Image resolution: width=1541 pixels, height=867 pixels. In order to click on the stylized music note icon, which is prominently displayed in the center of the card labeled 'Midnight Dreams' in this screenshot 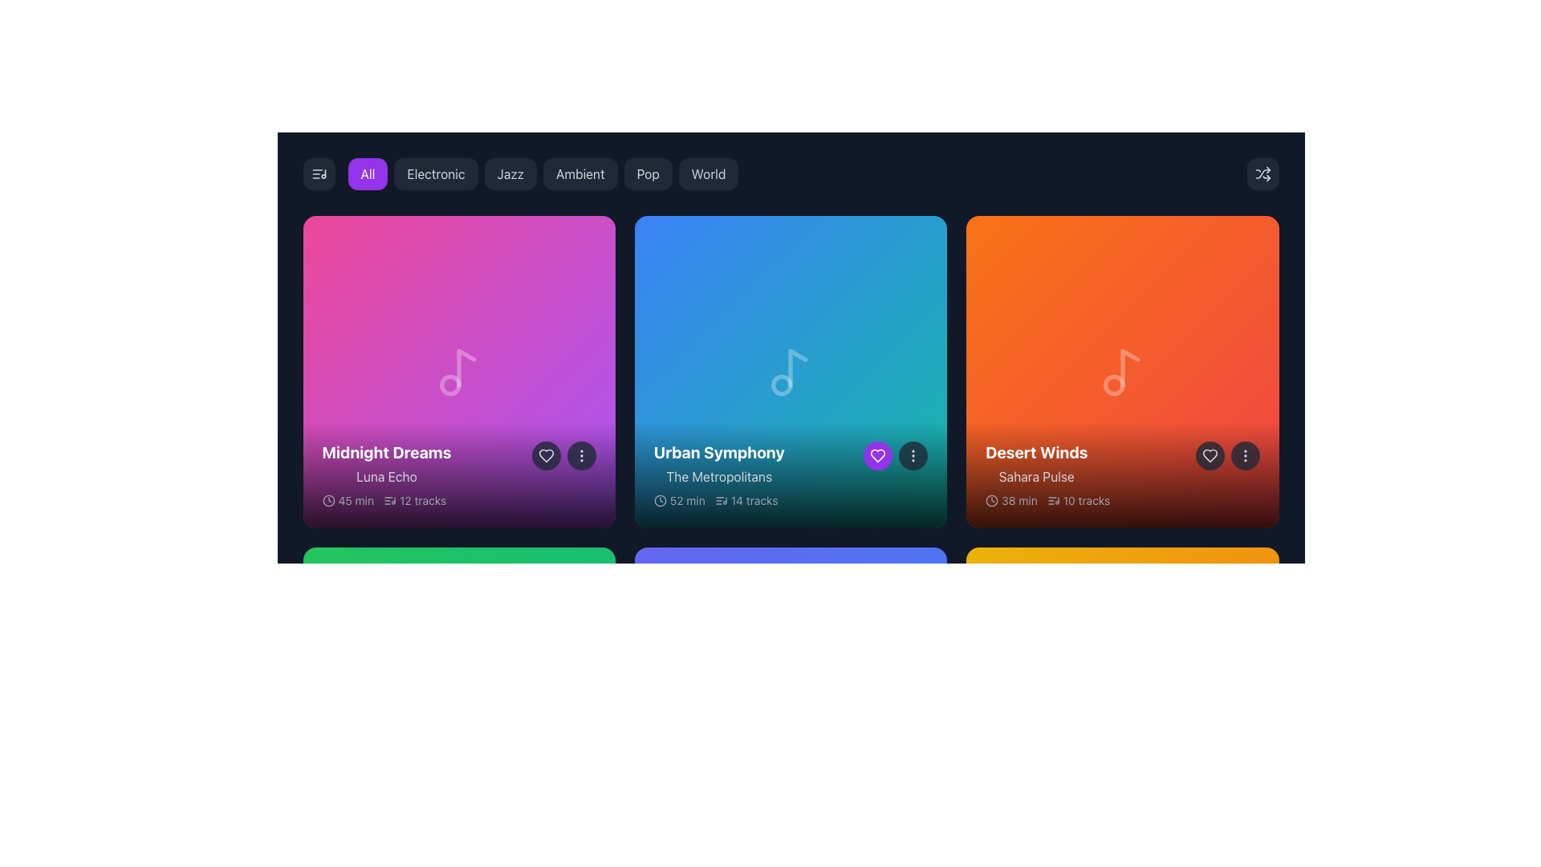, I will do `click(458, 372)`.